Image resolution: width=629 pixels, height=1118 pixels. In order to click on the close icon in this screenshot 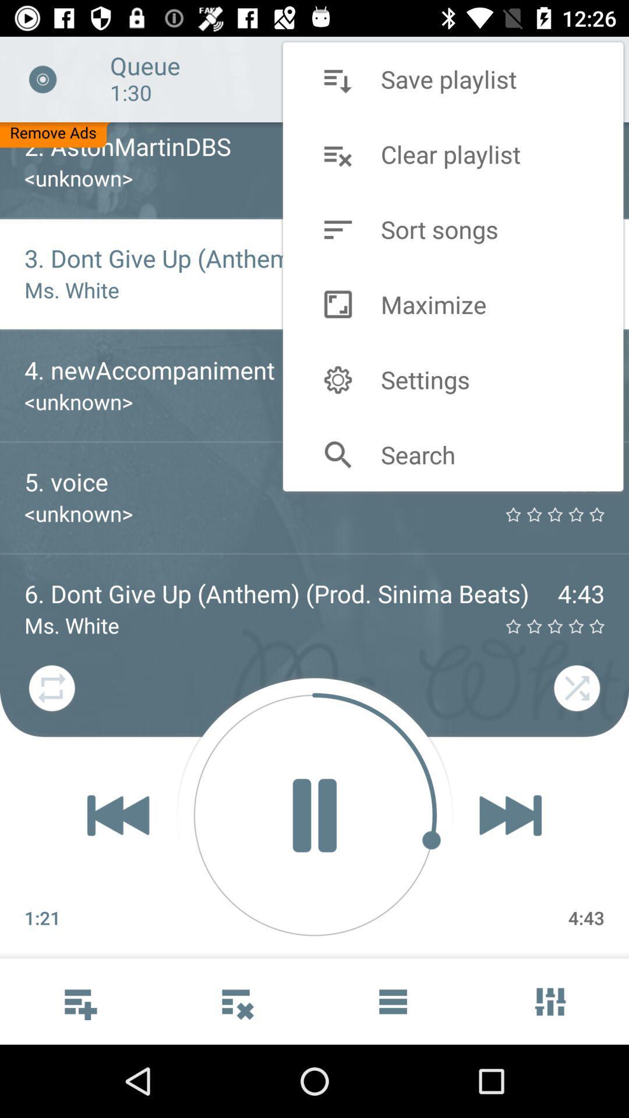, I will do `click(577, 690)`.